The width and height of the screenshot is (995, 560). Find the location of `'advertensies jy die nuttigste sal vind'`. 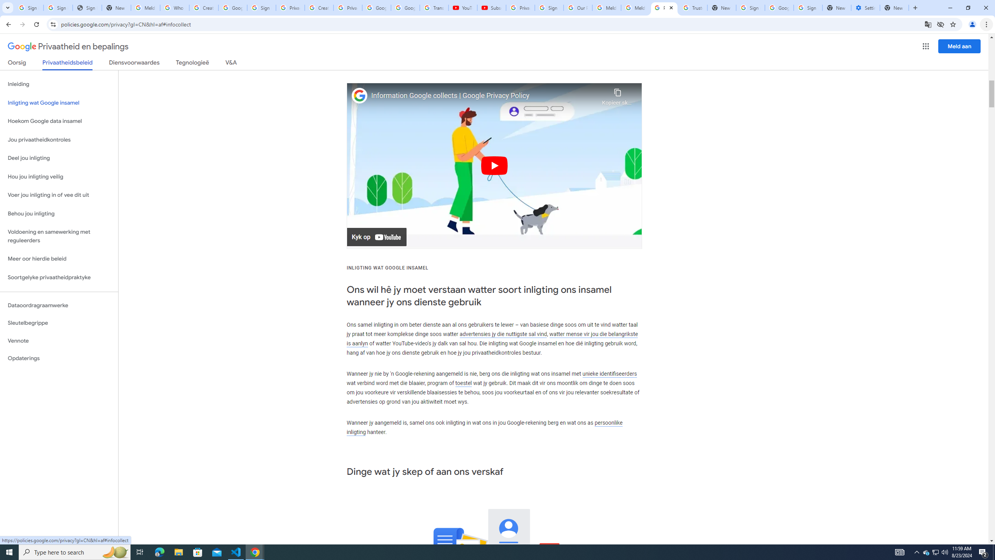

'advertensies jy die nuttigste sal vind' is located at coordinates (503, 333).